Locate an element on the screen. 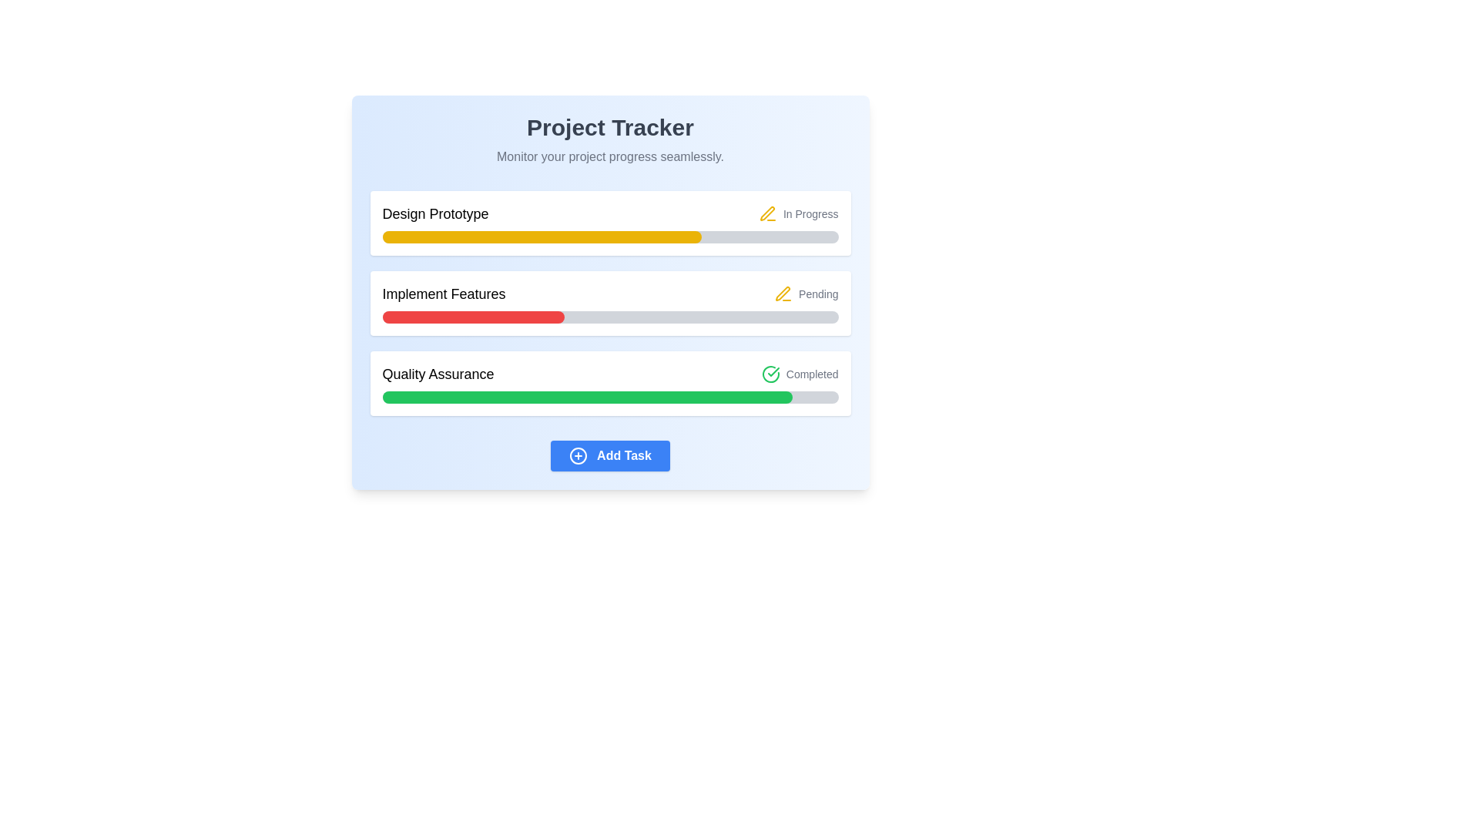  the progress bar is located at coordinates (546, 237).